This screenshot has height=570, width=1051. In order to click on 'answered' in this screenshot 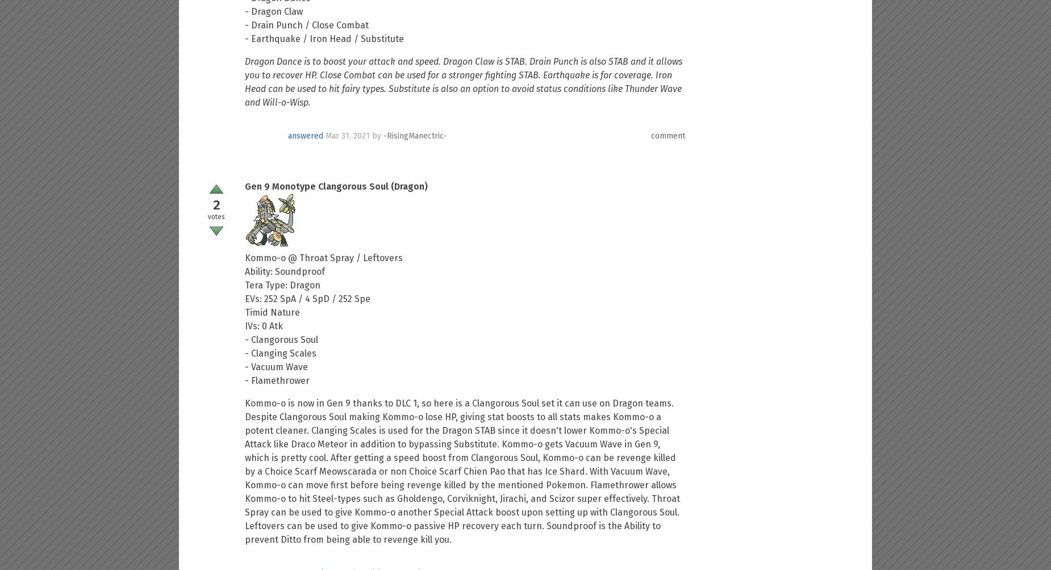, I will do `click(288, 135)`.